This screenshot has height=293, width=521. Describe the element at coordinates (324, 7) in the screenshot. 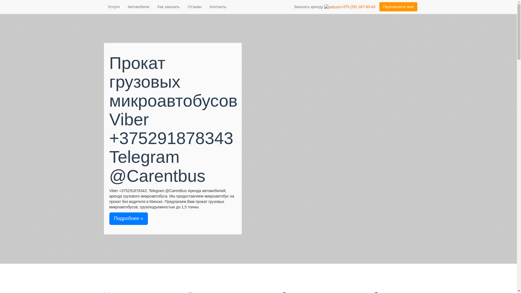

I see `'+375 (29) 187-83-43'` at that location.